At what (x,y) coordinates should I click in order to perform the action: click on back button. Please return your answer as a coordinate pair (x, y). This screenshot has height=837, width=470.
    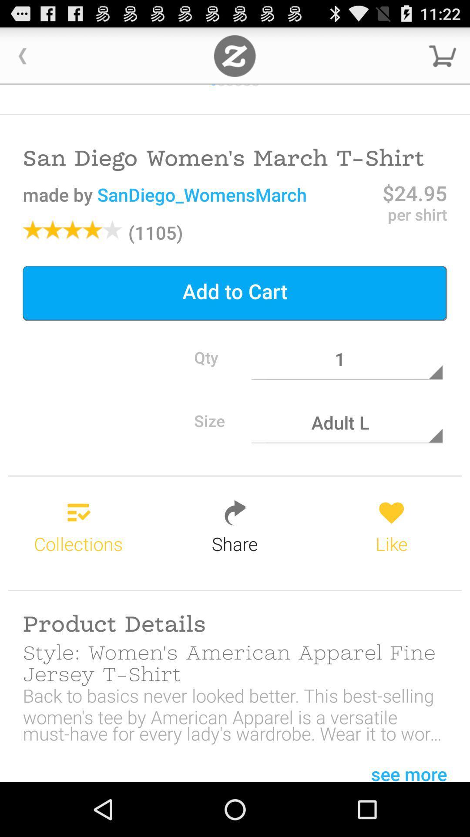
    Looking at the image, I should click on (22, 55).